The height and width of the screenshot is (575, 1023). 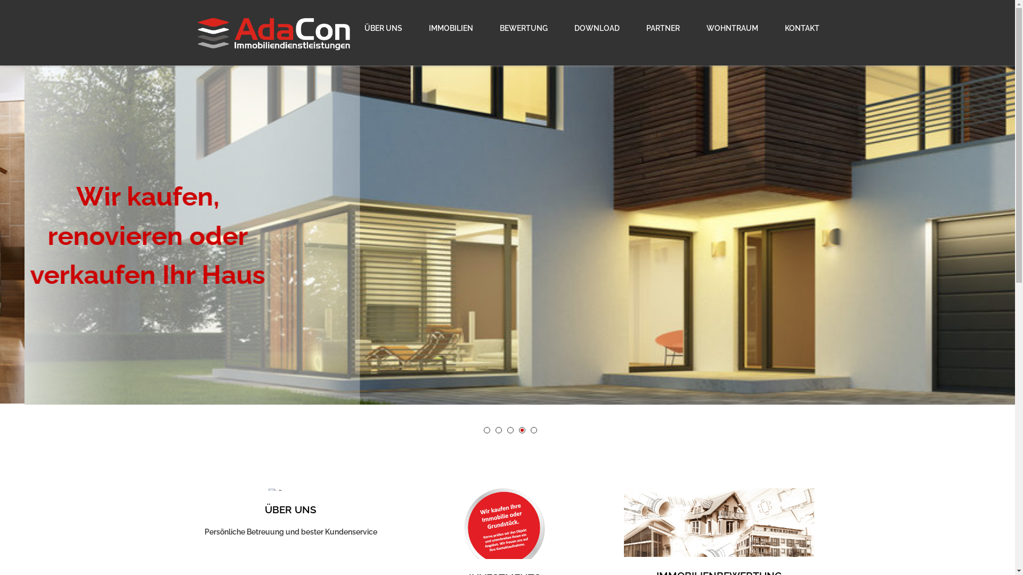 I want to click on 'Investments', so click(x=504, y=529).